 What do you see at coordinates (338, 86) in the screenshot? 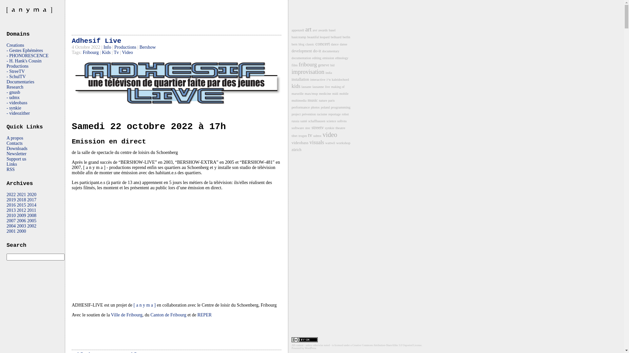
I see `'making of'` at bounding box center [338, 86].